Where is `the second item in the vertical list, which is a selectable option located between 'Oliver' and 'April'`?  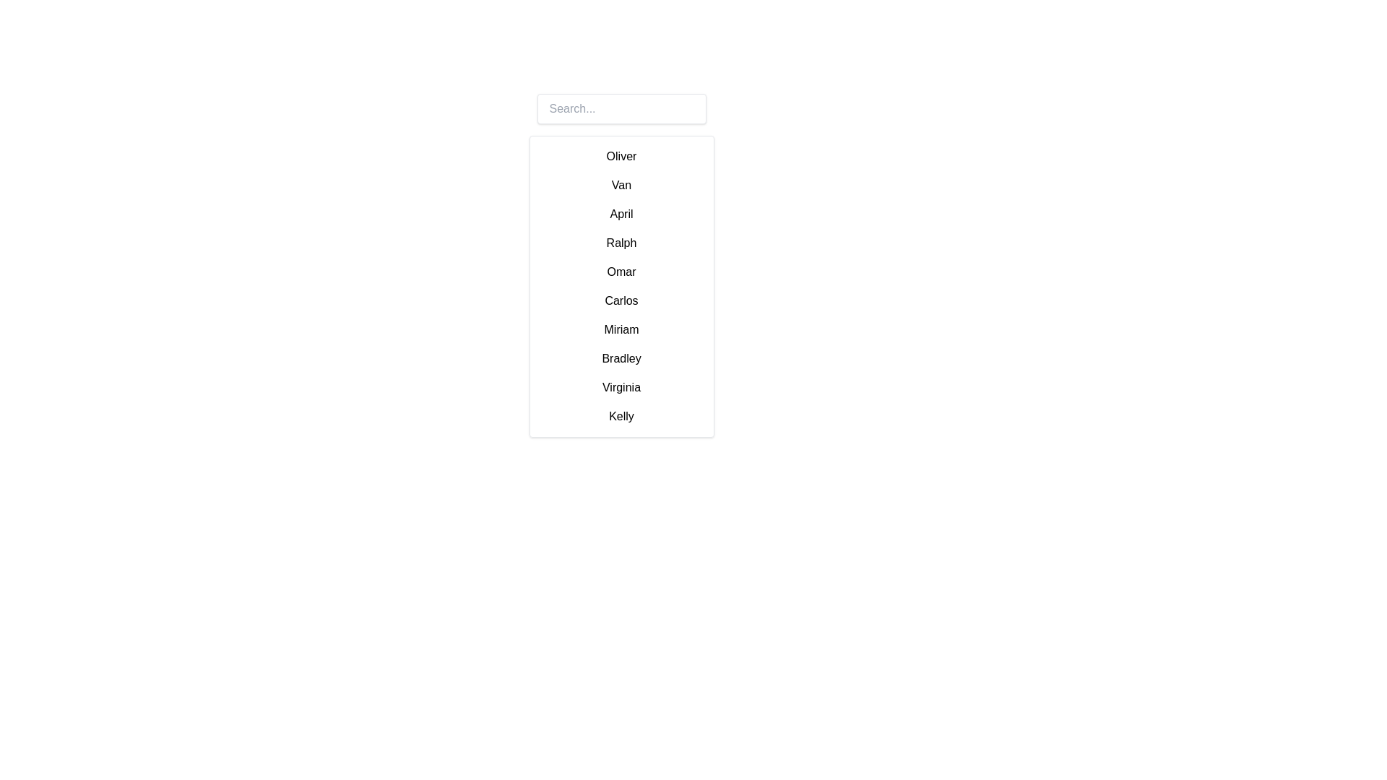
the second item in the vertical list, which is a selectable option located between 'Oliver' and 'April' is located at coordinates (621, 185).